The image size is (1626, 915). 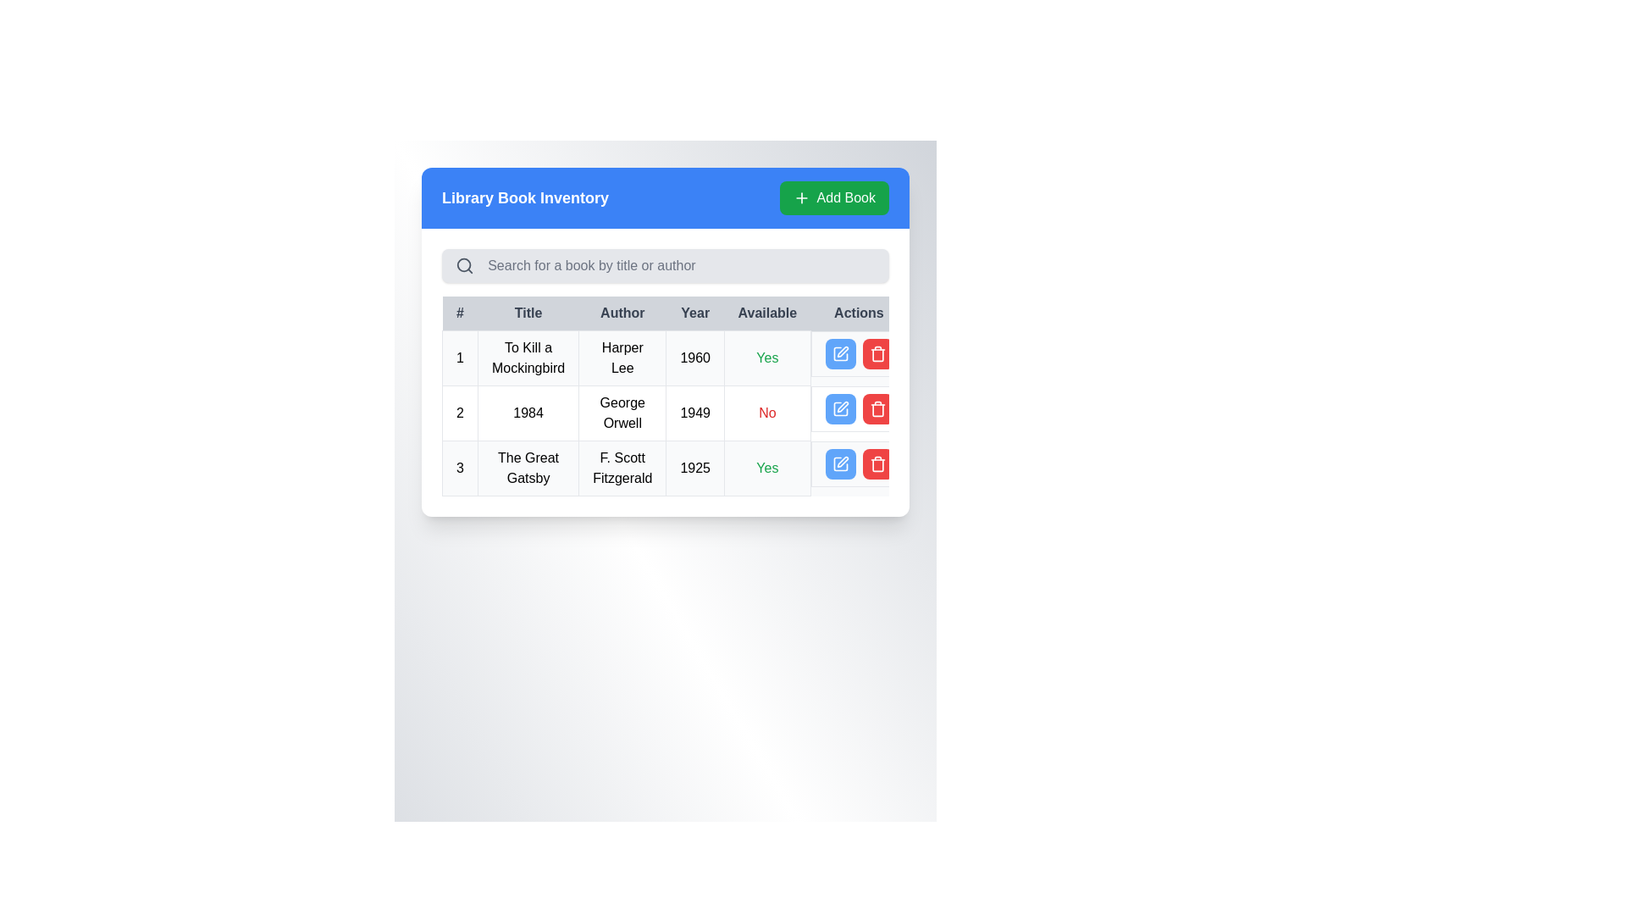 What do you see at coordinates (695, 413) in the screenshot?
I see `the table cell displaying '1949', which is the fourth column entry in the second row of the 'Library Book Inventory' table` at bounding box center [695, 413].